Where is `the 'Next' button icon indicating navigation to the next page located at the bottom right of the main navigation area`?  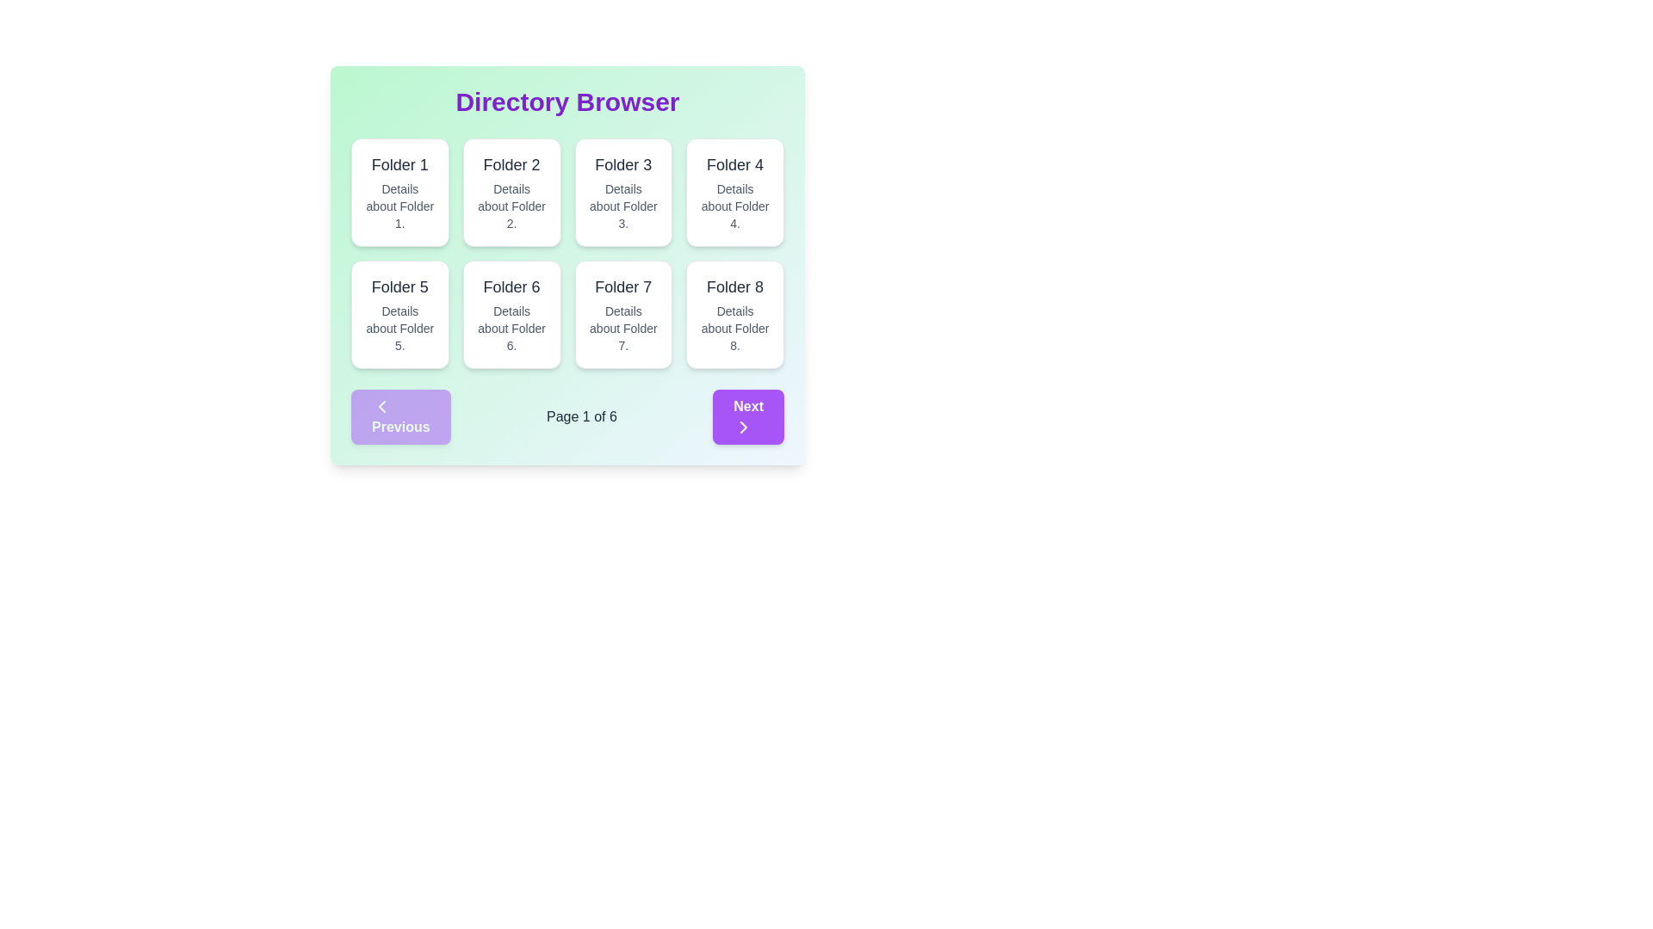
the 'Next' button icon indicating navigation to the next page located at the bottom right of the main navigation area is located at coordinates (744, 427).